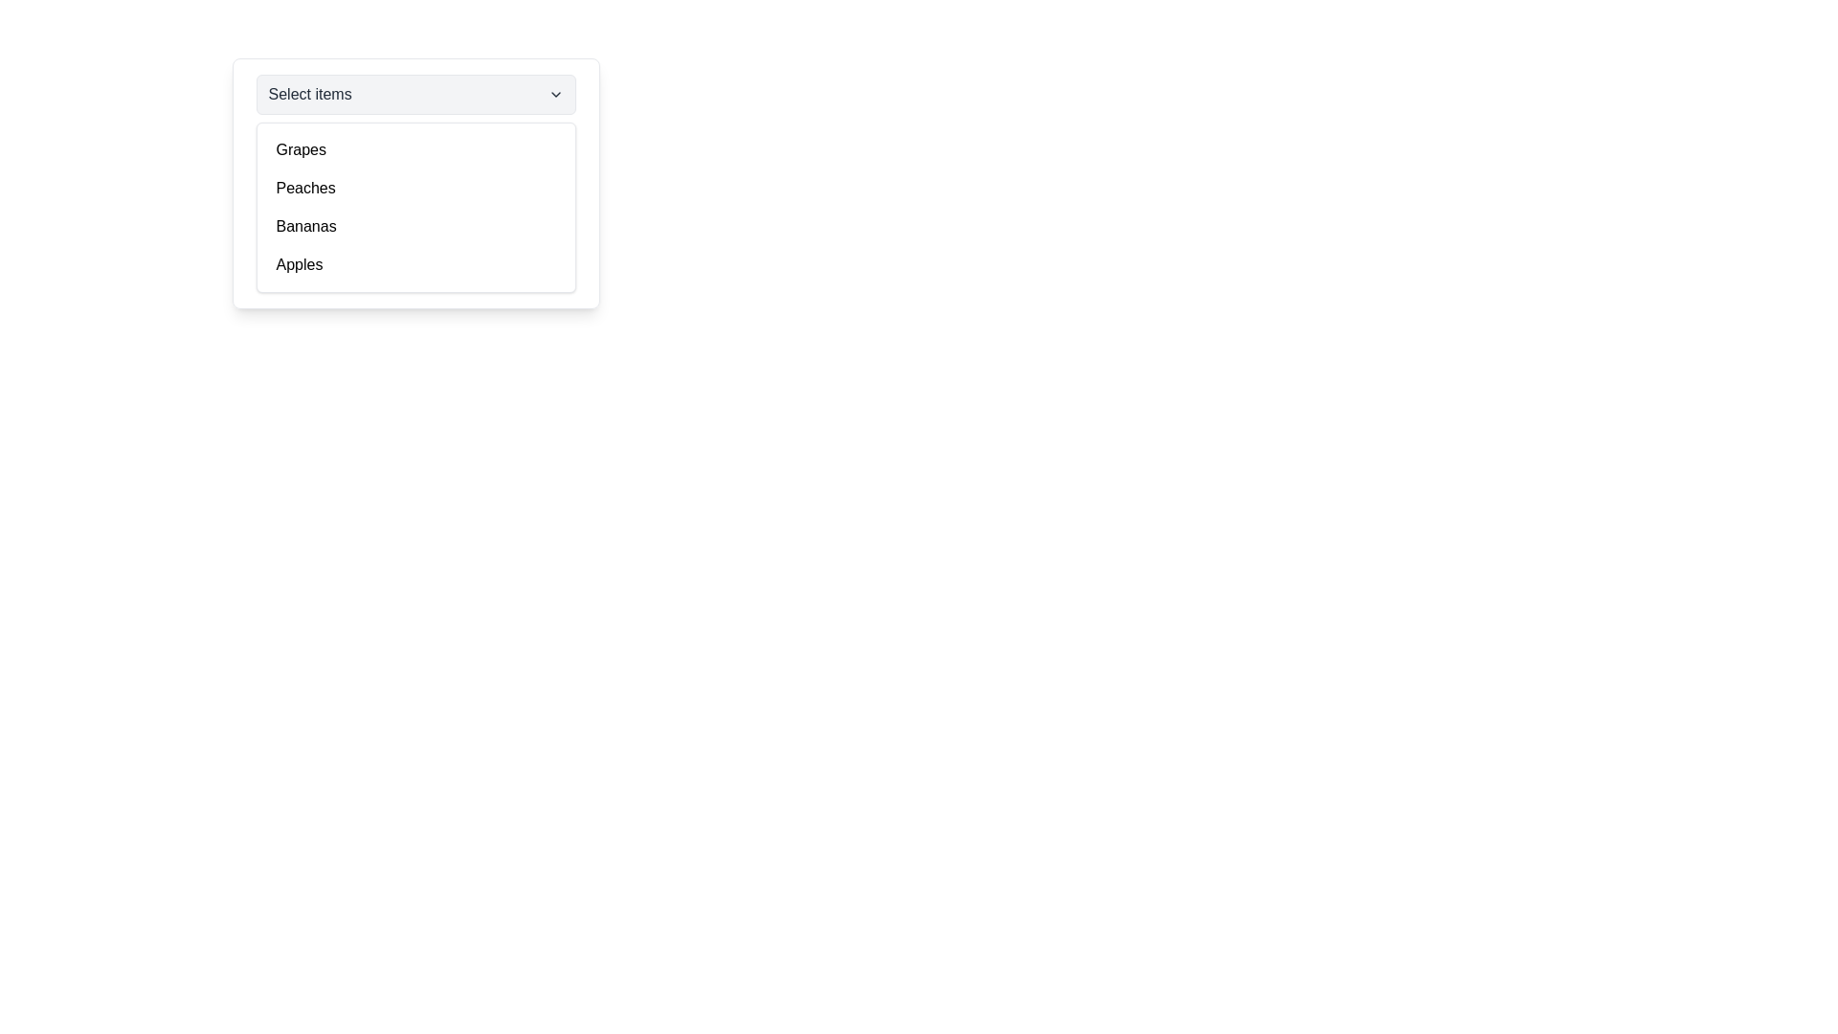 Image resolution: width=1838 pixels, height=1034 pixels. Describe the element at coordinates (415, 207) in the screenshot. I see `individual options within the Dropdown menu list, which is a white box with rounded corners located underneath the 'Select items' dropdown button` at that location.